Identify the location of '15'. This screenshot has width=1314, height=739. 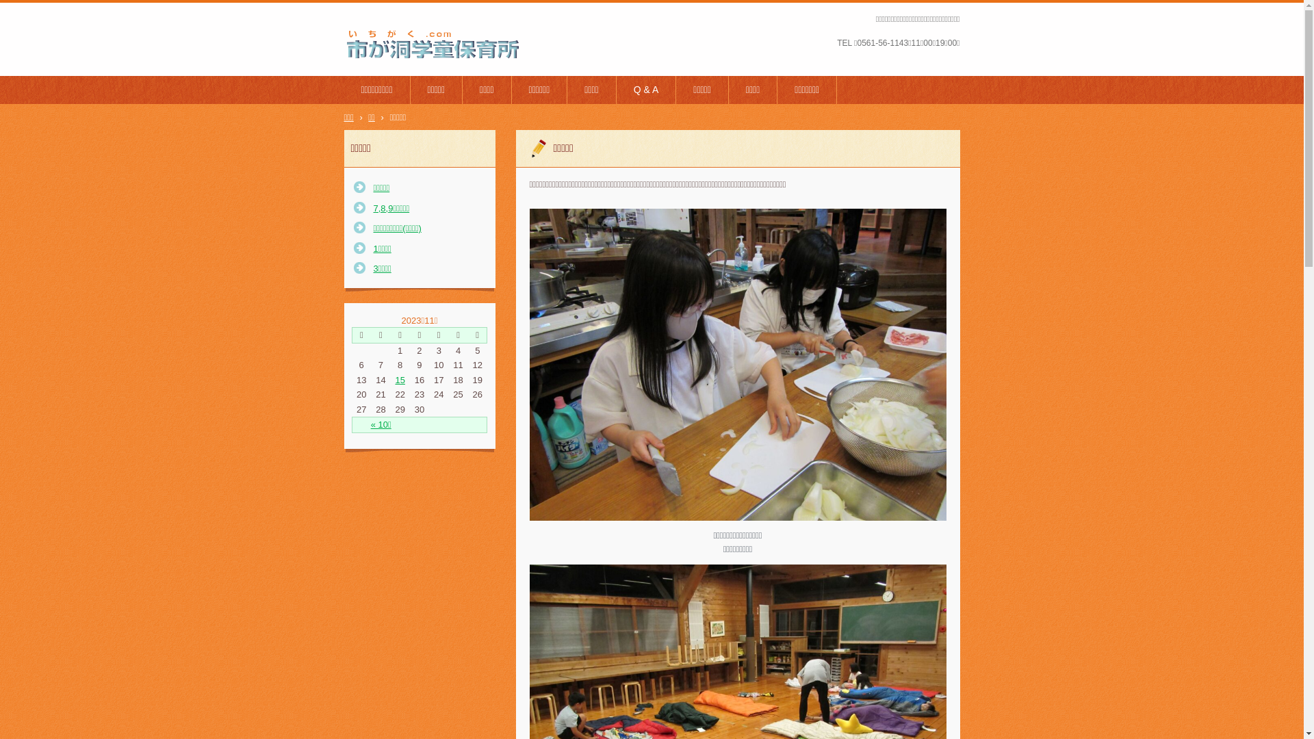
(399, 380).